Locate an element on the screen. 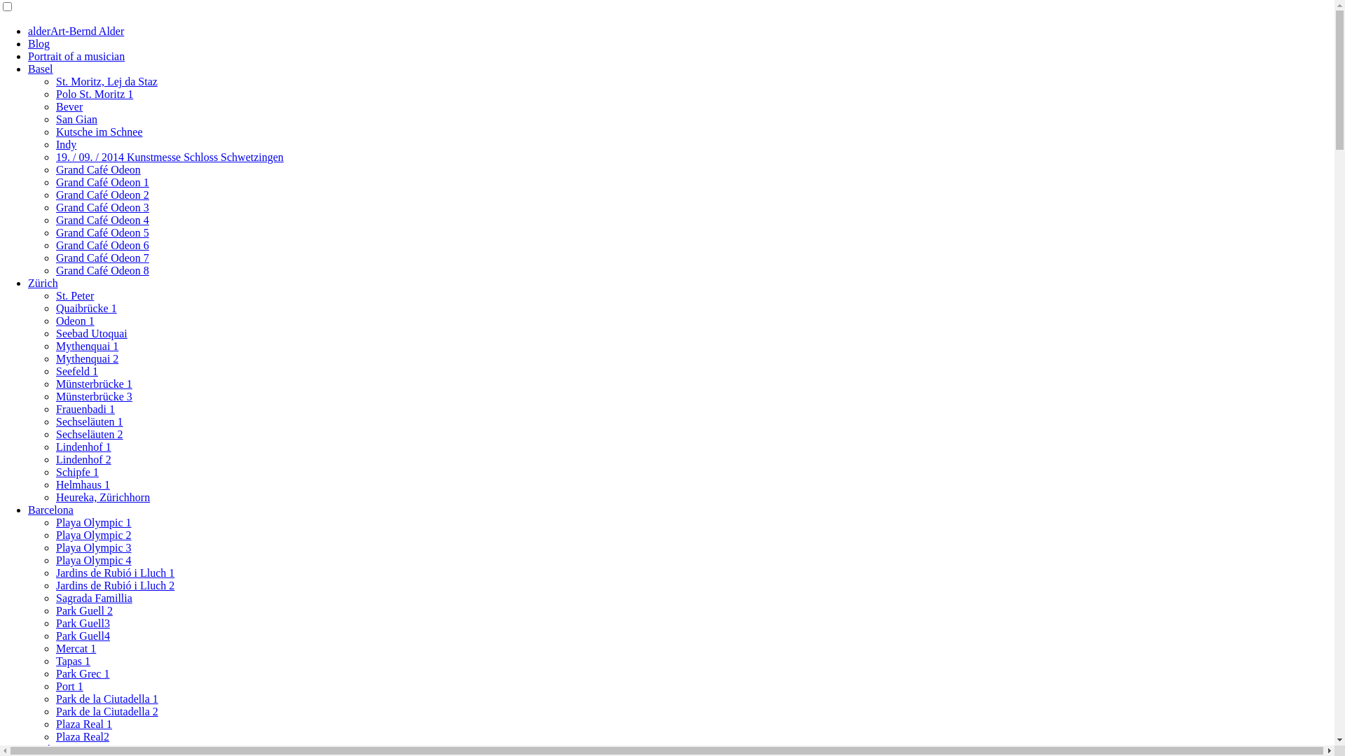 The image size is (1345, 756). 'Mythenquai 1' is located at coordinates (86, 346).